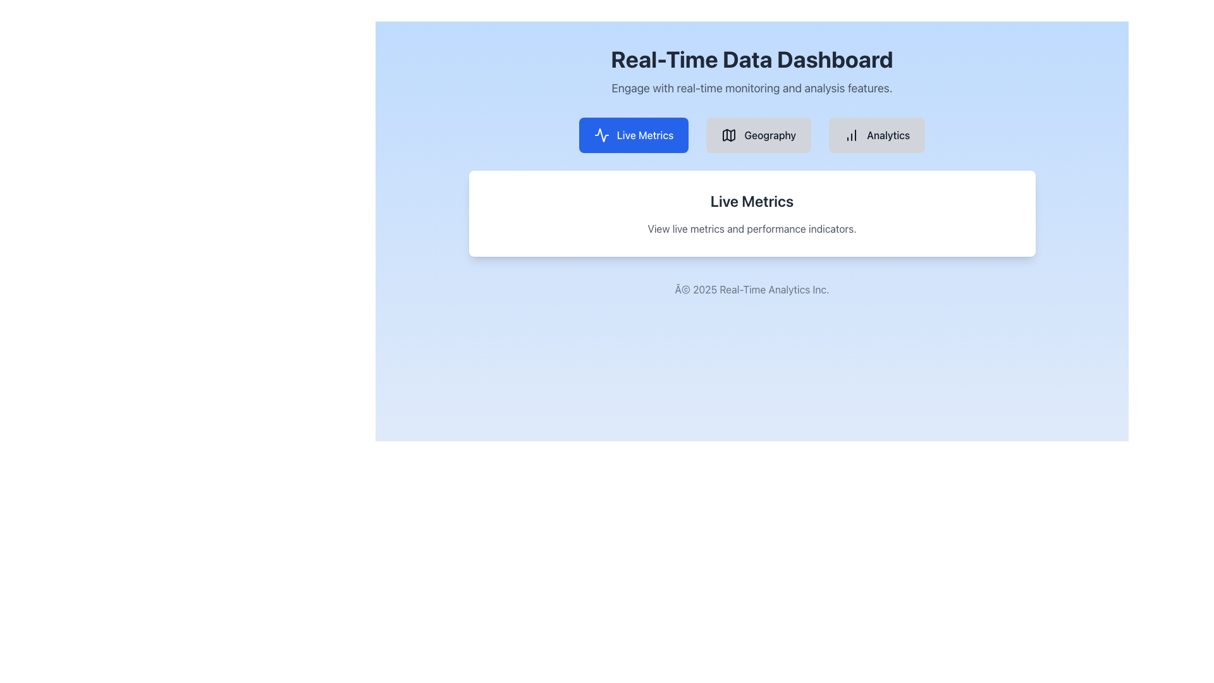 The width and height of the screenshot is (1214, 683). I want to click on the Geography icon in the navigation bar, so click(729, 135).